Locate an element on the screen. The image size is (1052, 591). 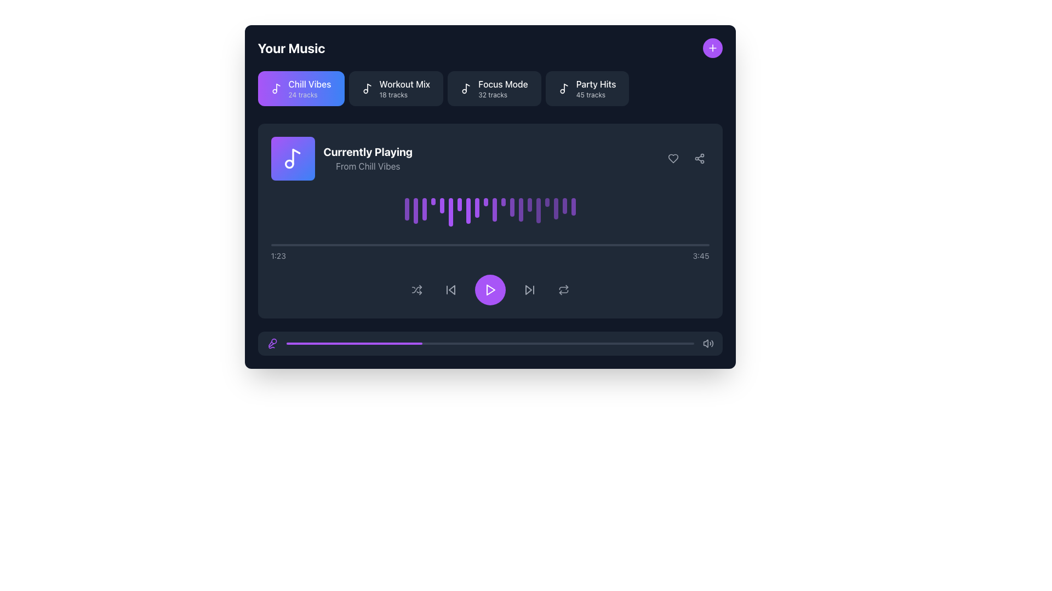
the shuffle button located in the lower section of the audio control toolbar is located at coordinates (416, 289).